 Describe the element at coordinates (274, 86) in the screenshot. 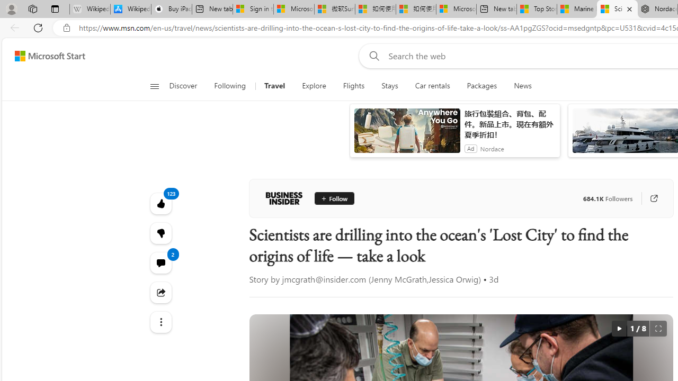

I see `'Travel'` at that location.